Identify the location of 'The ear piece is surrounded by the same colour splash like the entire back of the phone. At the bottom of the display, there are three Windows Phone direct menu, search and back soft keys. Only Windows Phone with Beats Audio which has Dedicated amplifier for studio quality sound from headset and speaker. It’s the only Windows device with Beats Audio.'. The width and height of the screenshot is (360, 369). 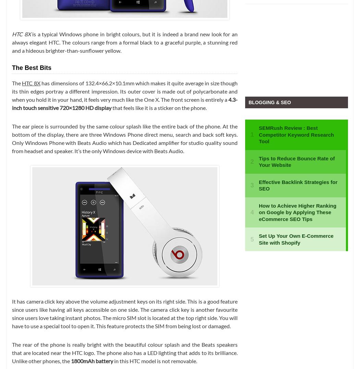
(124, 138).